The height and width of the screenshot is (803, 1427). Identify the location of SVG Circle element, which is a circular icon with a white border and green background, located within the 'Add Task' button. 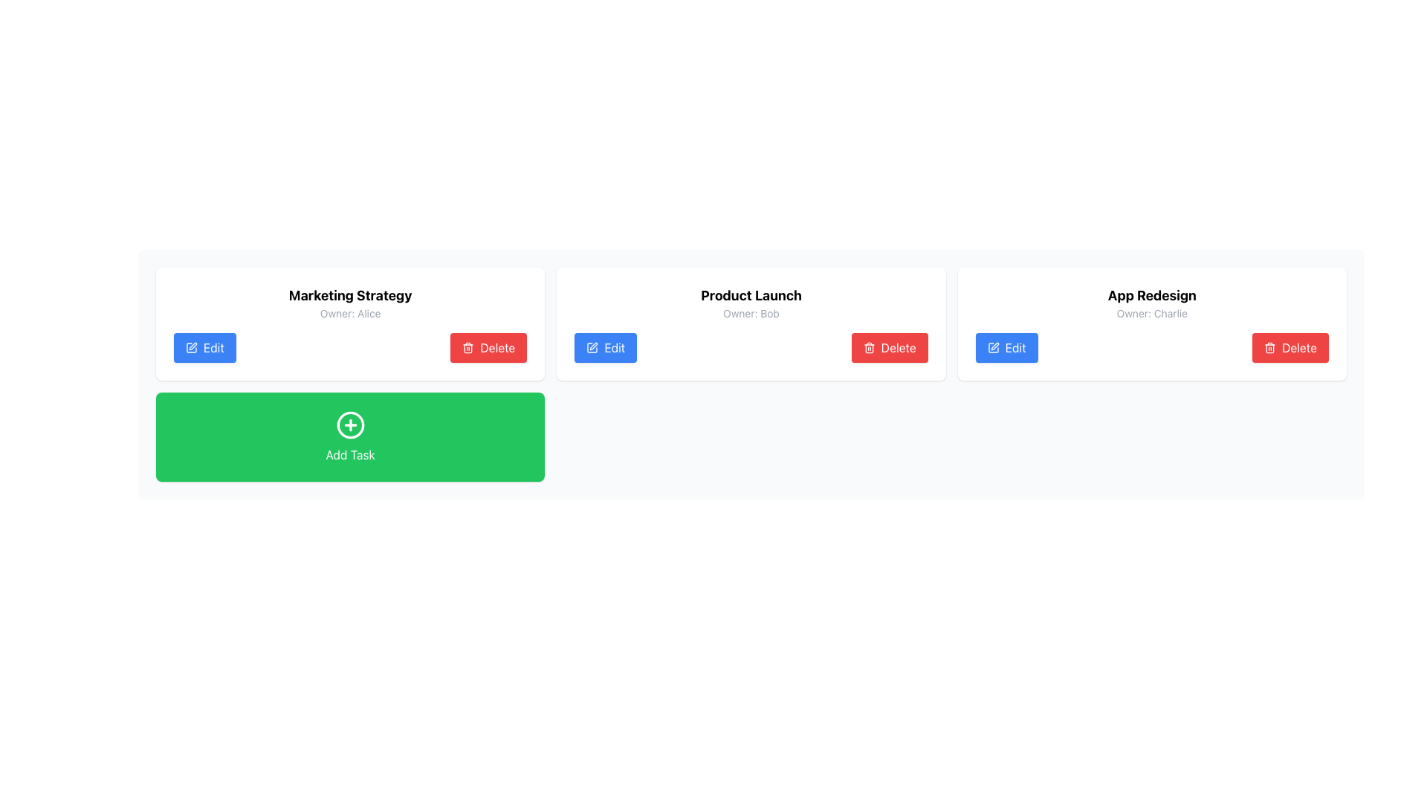
(349, 425).